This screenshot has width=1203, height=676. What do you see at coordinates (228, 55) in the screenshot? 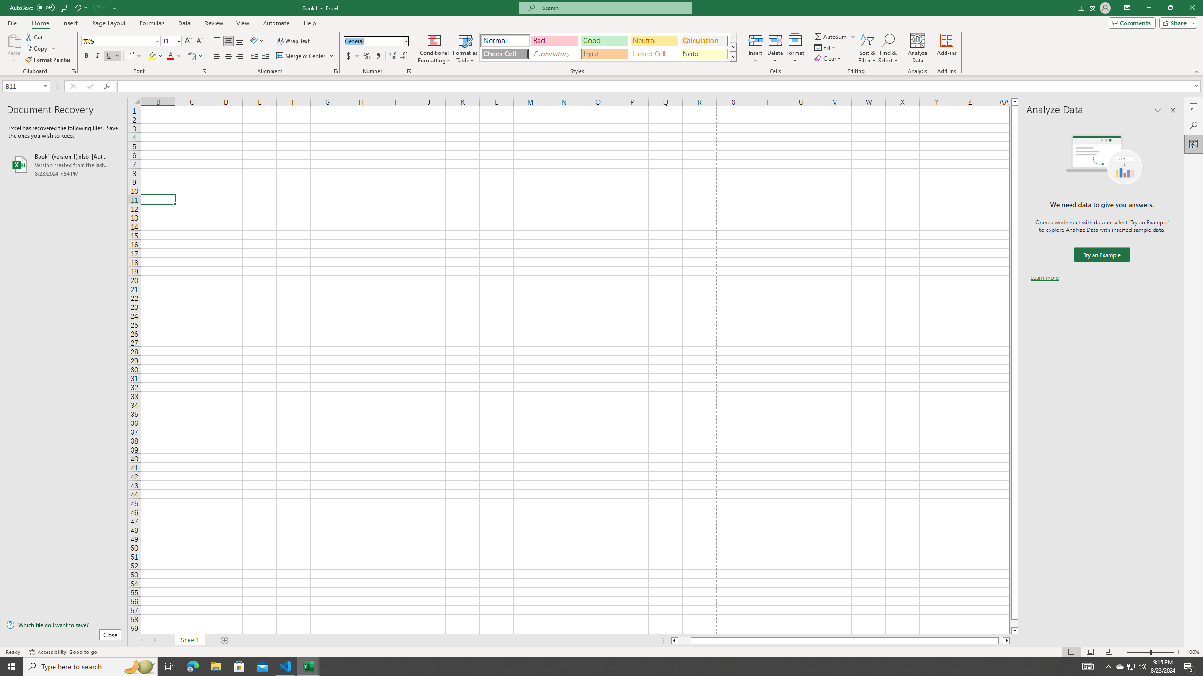
I see `'Center'` at bounding box center [228, 55].